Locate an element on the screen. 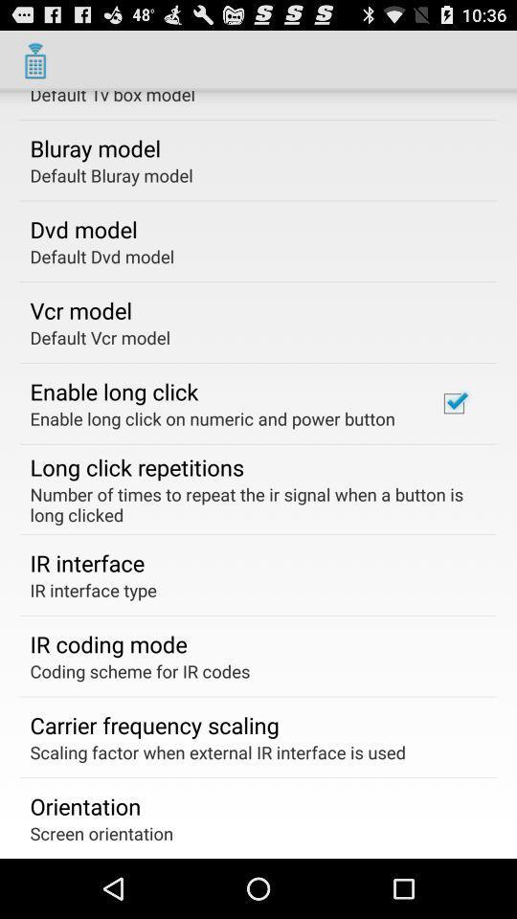 This screenshot has width=517, height=919. the scaling factor when is located at coordinates (216, 751).